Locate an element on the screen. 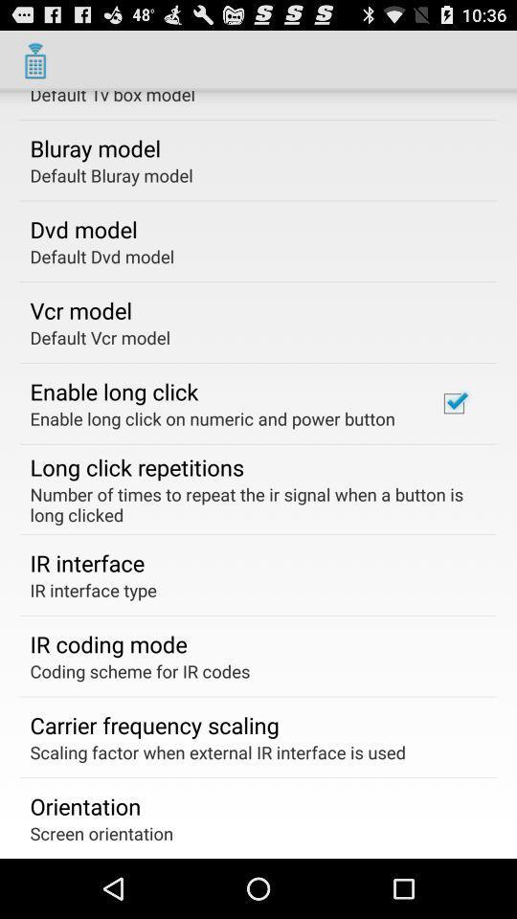 This screenshot has width=517, height=919. the scaling factor when is located at coordinates (216, 751).